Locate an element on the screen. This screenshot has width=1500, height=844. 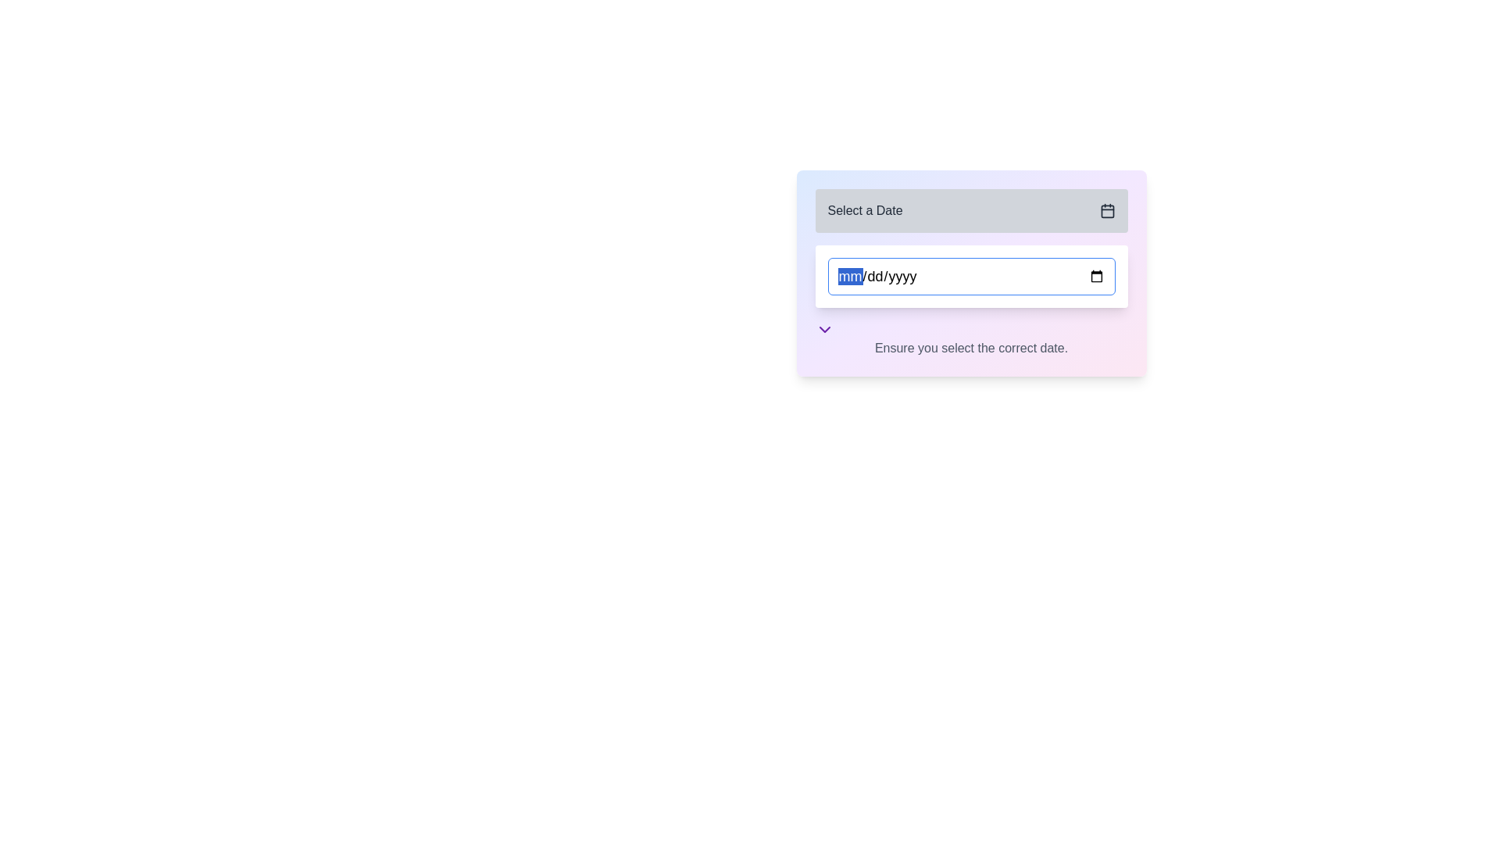
the background rectangle of the SVG calendar icon located at the top-right corner of the date selection box is located at coordinates (1106, 211).